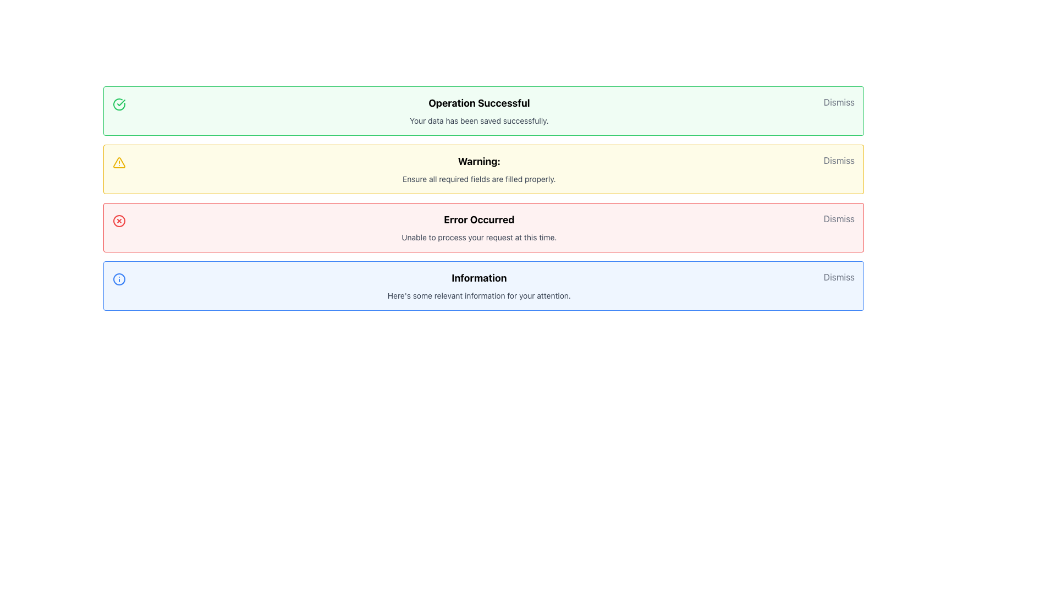  Describe the element at coordinates (838, 218) in the screenshot. I see `the dismiss button located on the far right of the red alert box` at that location.